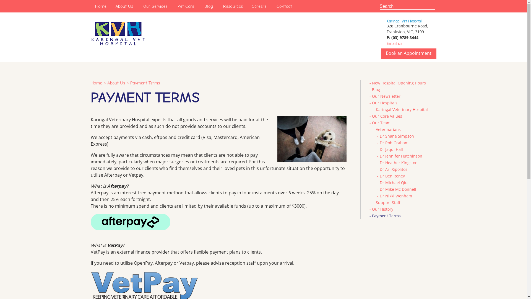  What do you see at coordinates (386, 116) in the screenshot?
I see `'Our Core Values'` at bounding box center [386, 116].